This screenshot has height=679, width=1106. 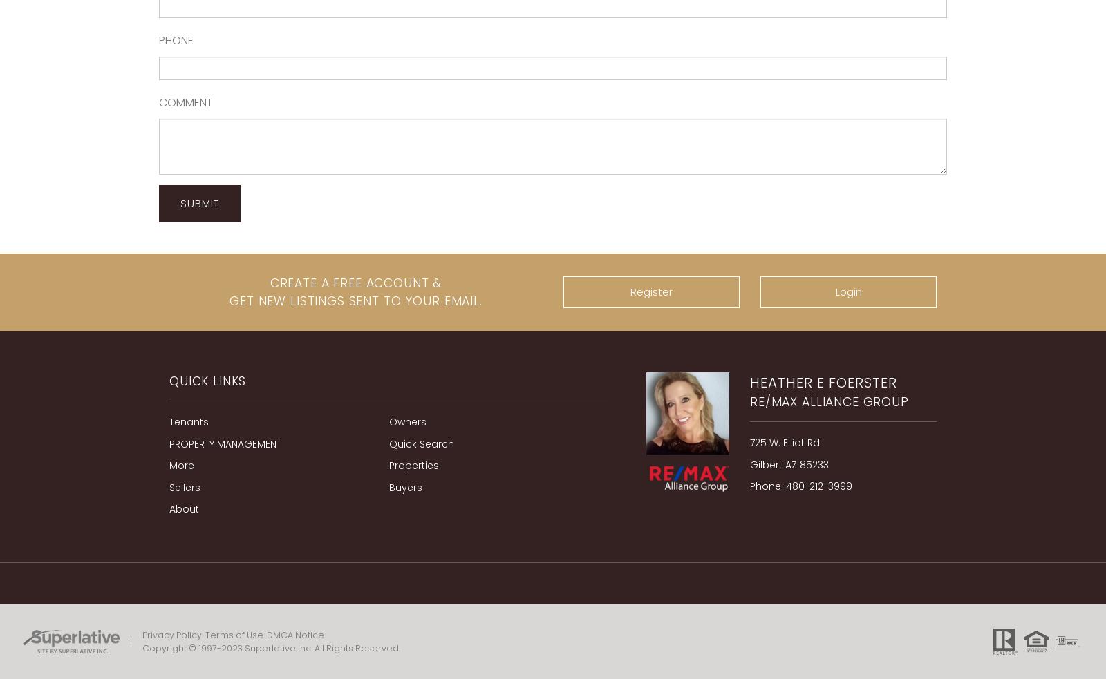 I want to click on 'Terms of Use', so click(x=234, y=635).